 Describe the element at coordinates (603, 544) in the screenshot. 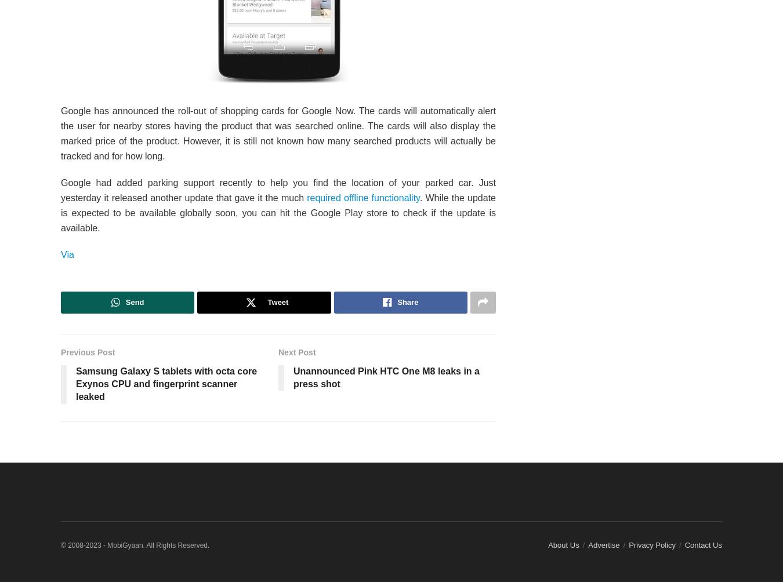

I see `'Advertise'` at that location.